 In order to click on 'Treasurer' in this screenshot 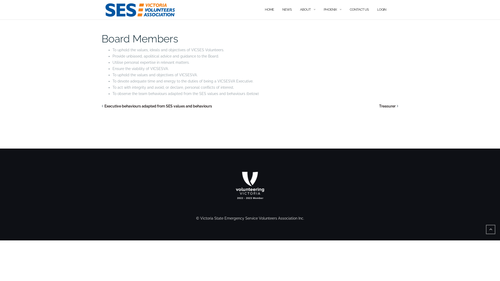, I will do `click(379, 106)`.